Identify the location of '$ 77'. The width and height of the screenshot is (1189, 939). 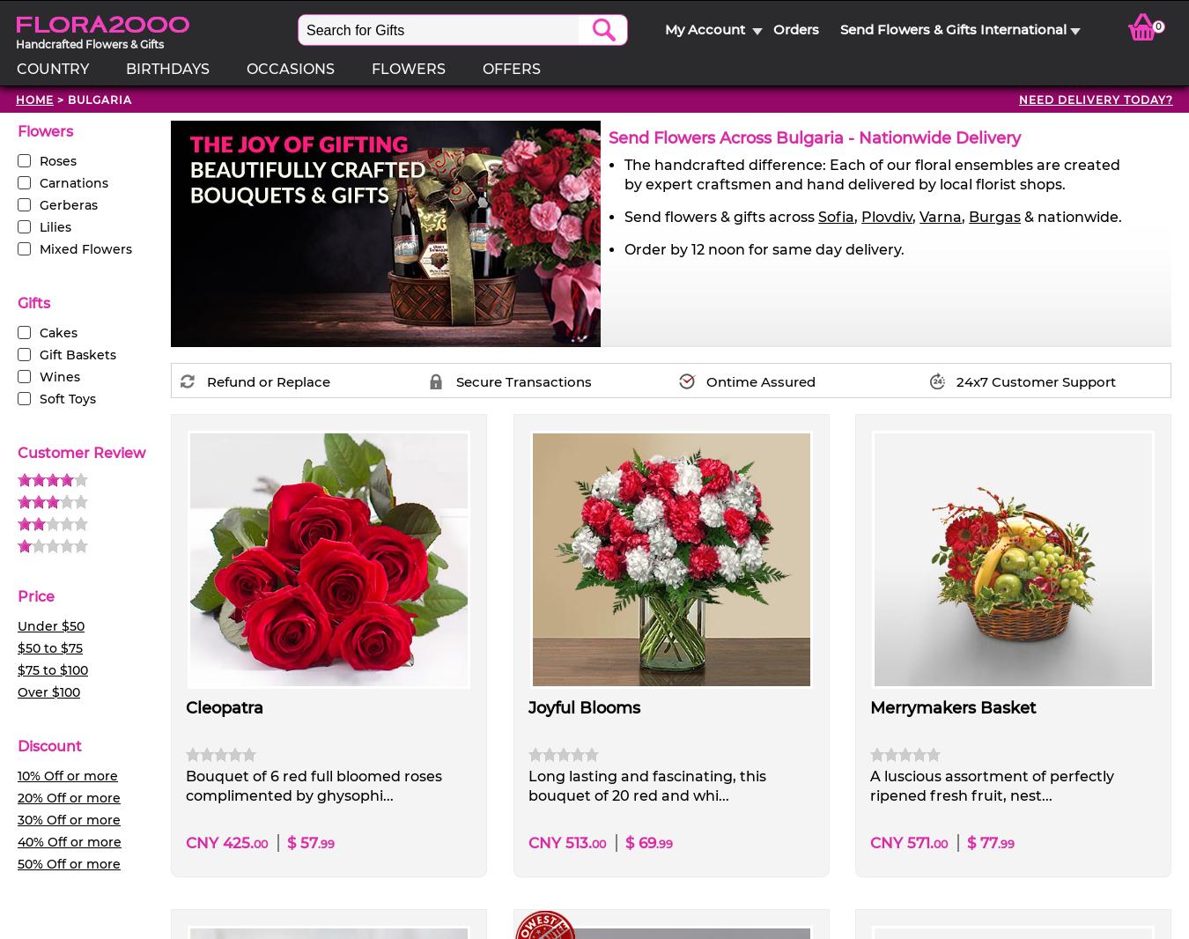
(981, 842).